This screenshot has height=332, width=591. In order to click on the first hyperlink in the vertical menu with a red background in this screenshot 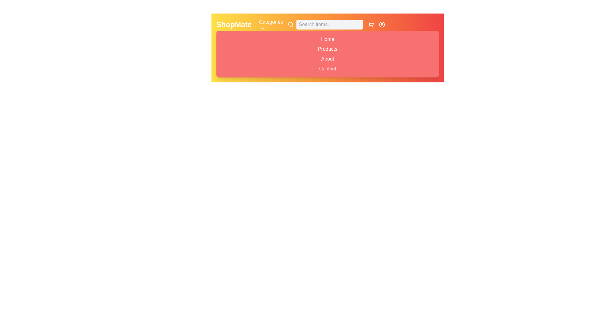, I will do `click(327, 39)`.